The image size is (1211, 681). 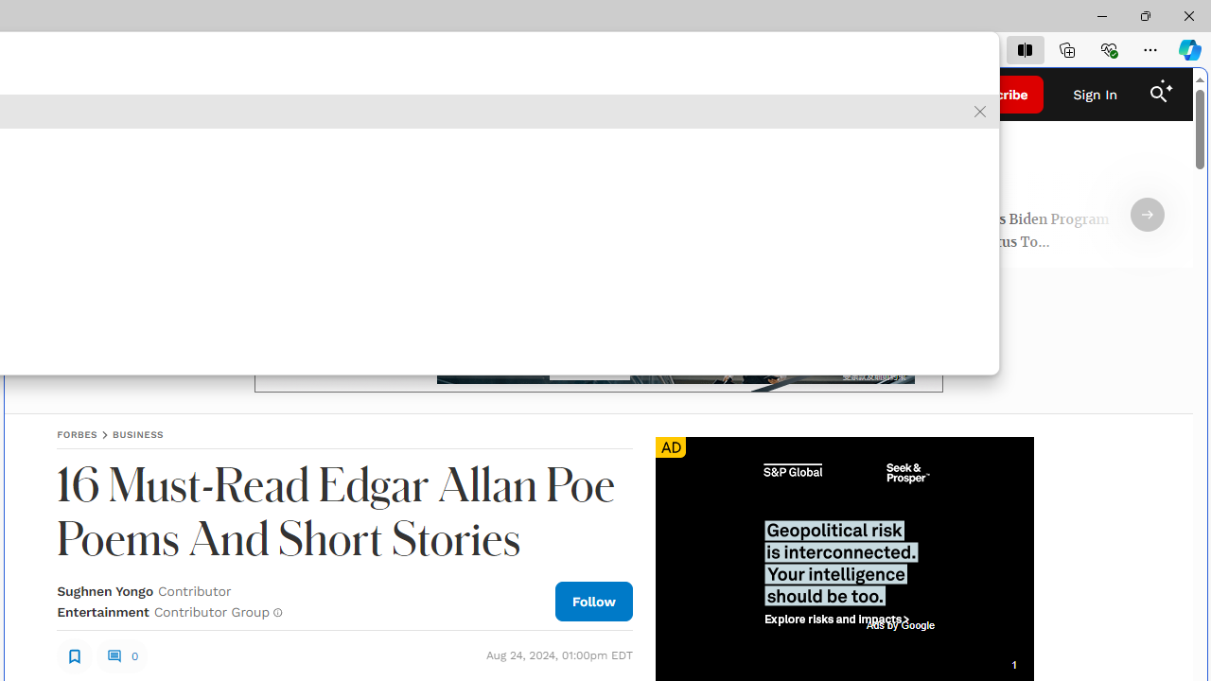 I want to click on 'FORBES', so click(x=76, y=434).